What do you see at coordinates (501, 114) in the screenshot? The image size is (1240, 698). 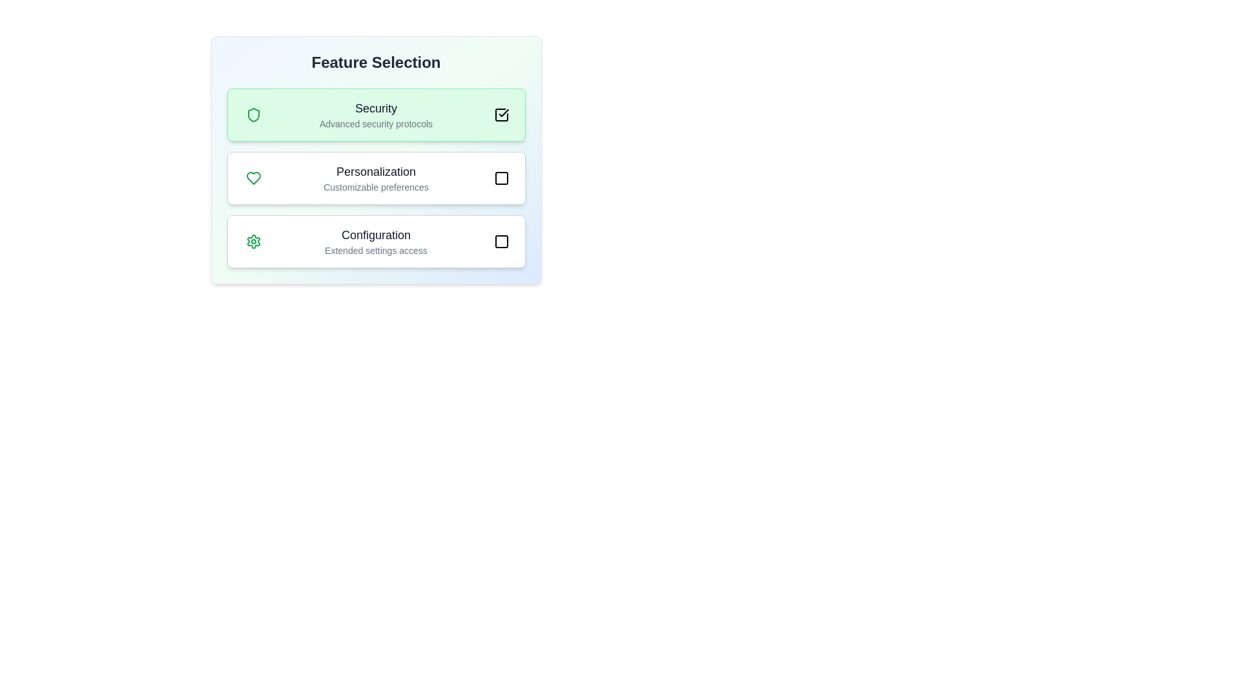 I see `the rounded green button with a white checkmark icon located at the top-right corner of the 'Security' section` at bounding box center [501, 114].